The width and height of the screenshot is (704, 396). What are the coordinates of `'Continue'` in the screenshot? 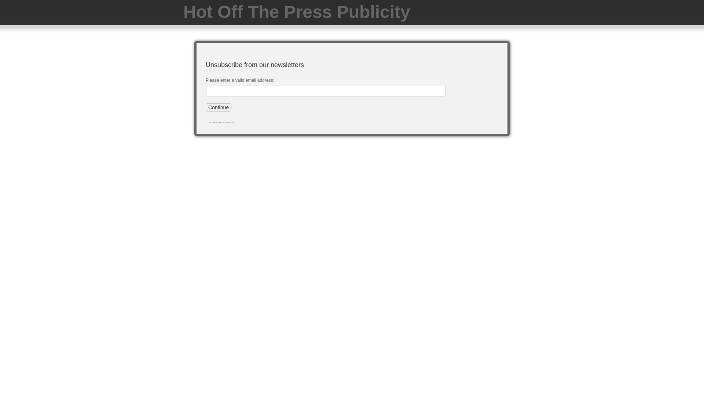 It's located at (218, 107).